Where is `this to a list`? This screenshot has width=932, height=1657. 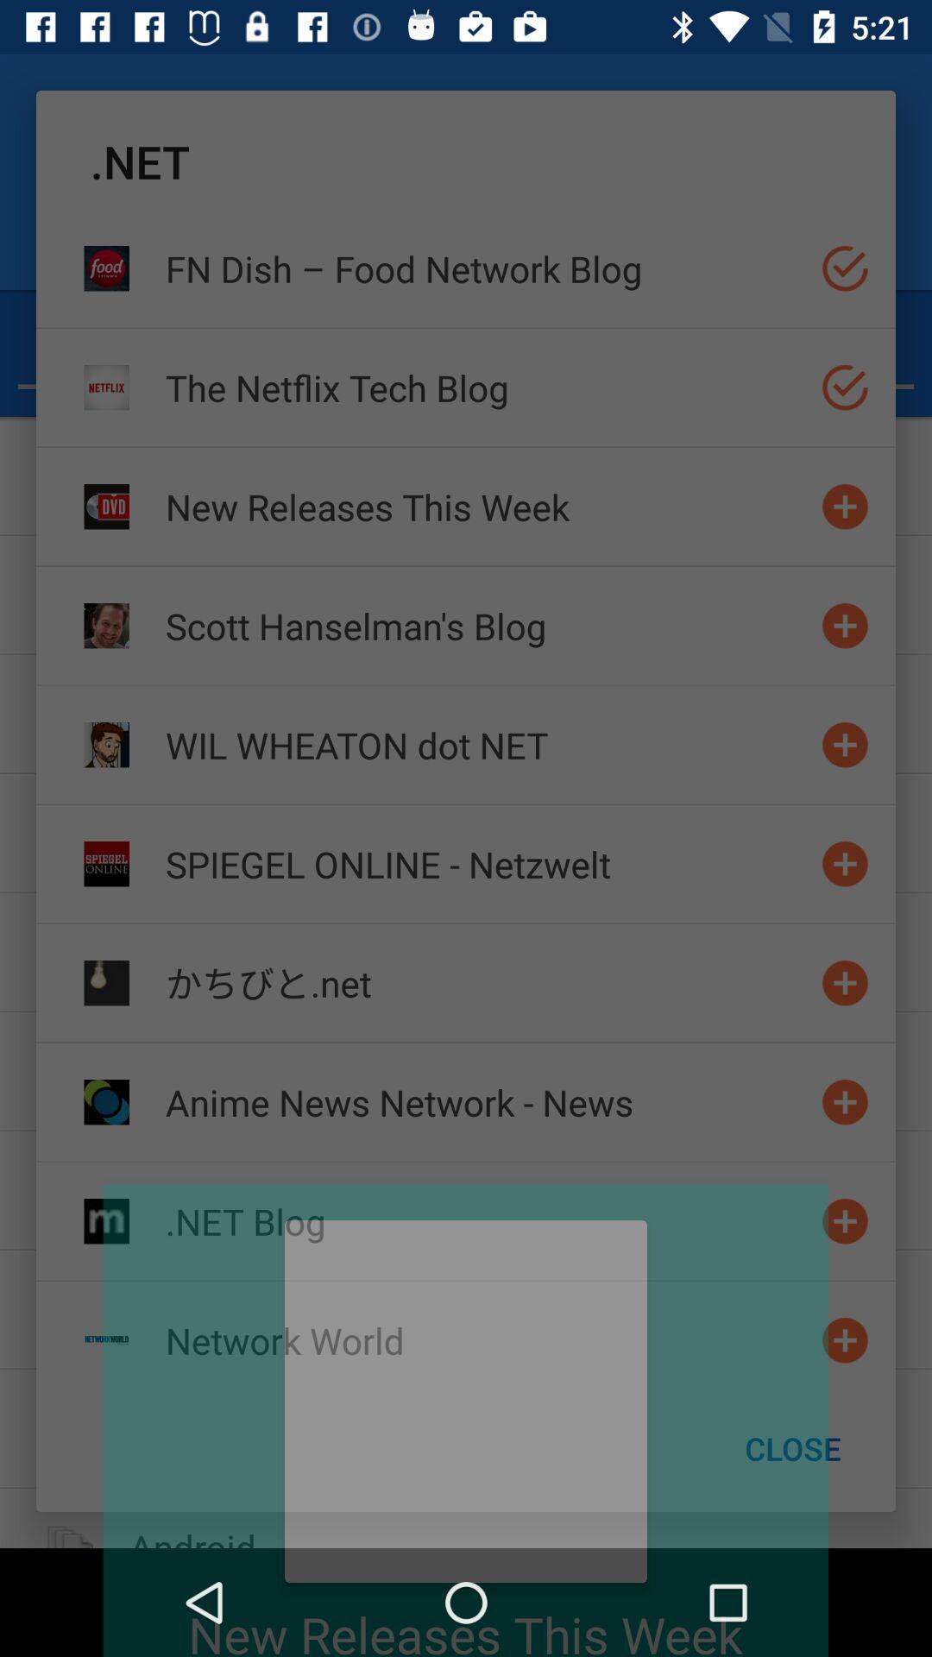
this to a list is located at coordinates (844, 745).